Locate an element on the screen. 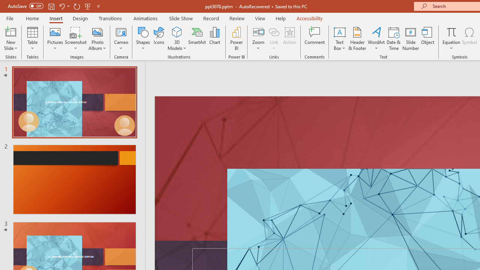  'Photo Album...' is located at coordinates (97, 39).